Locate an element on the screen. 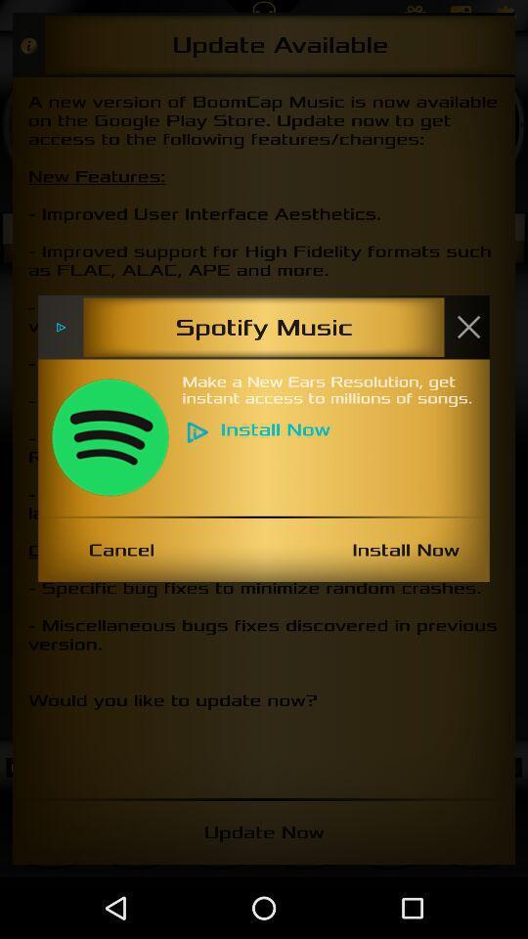  the item next to install now is located at coordinates (121, 550).